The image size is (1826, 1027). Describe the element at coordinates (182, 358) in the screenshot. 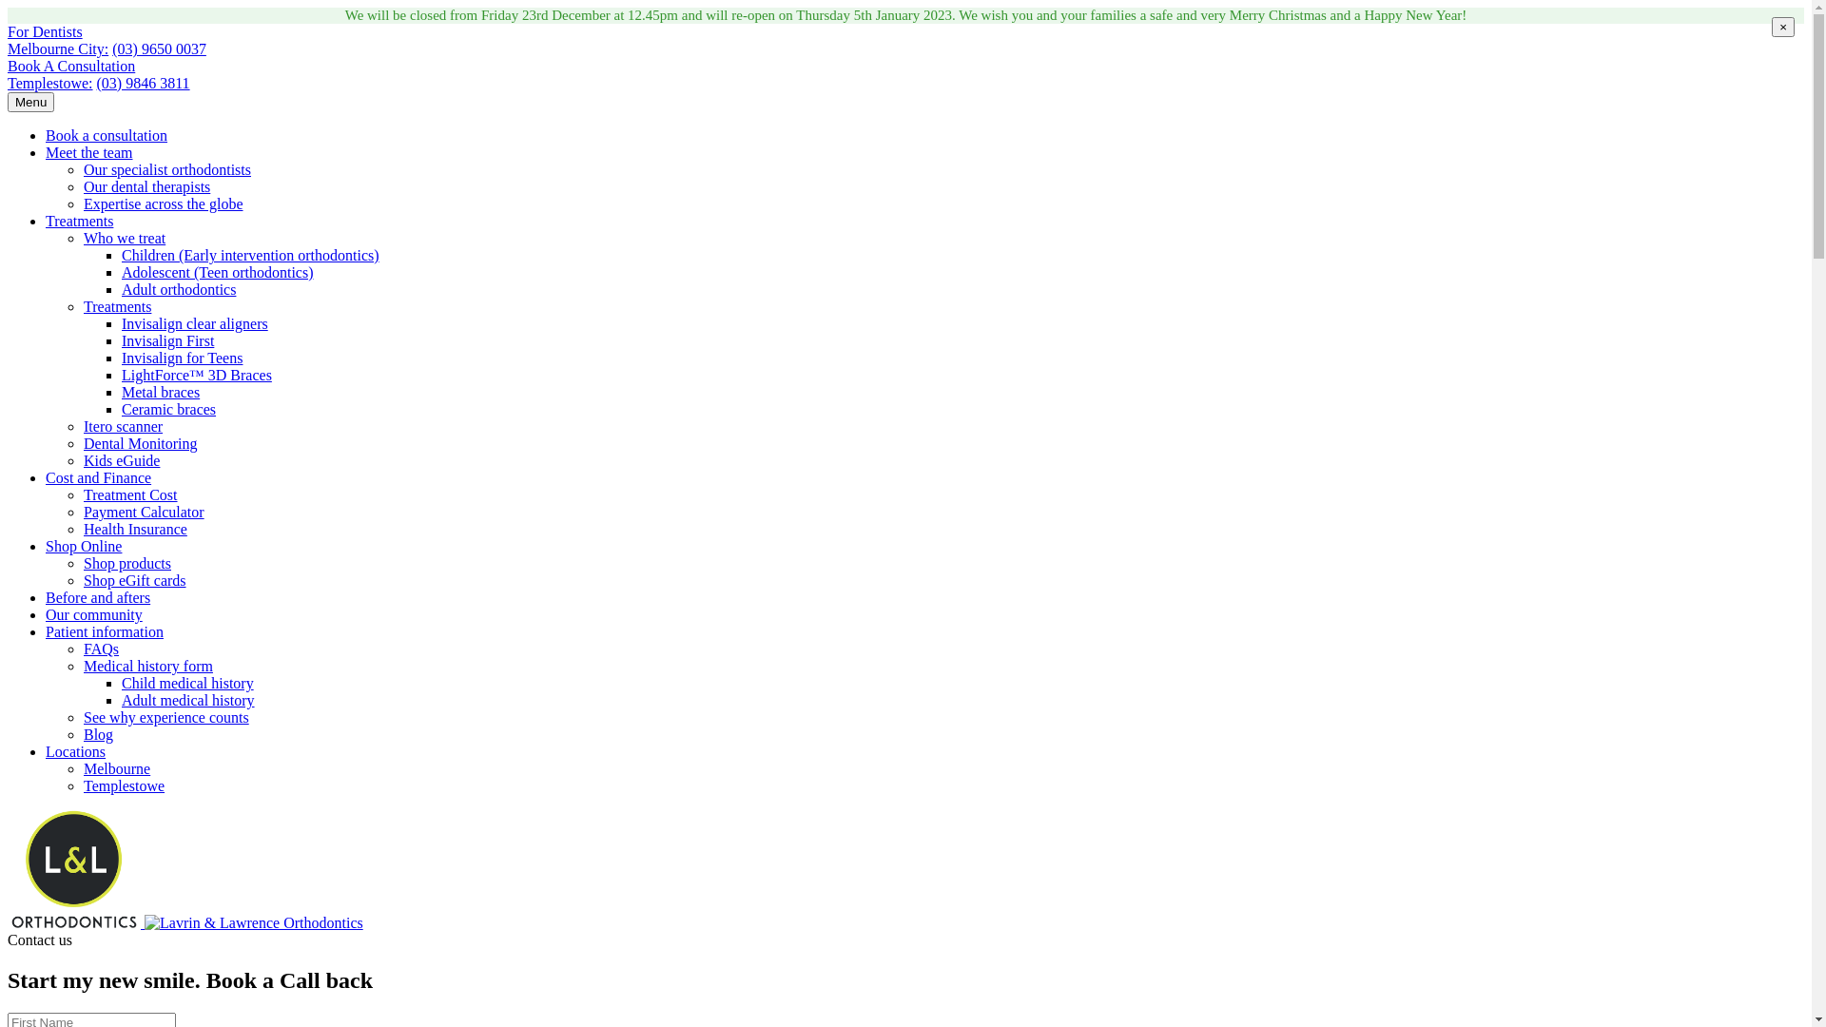

I see `'Invisalign for Teens'` at that location.